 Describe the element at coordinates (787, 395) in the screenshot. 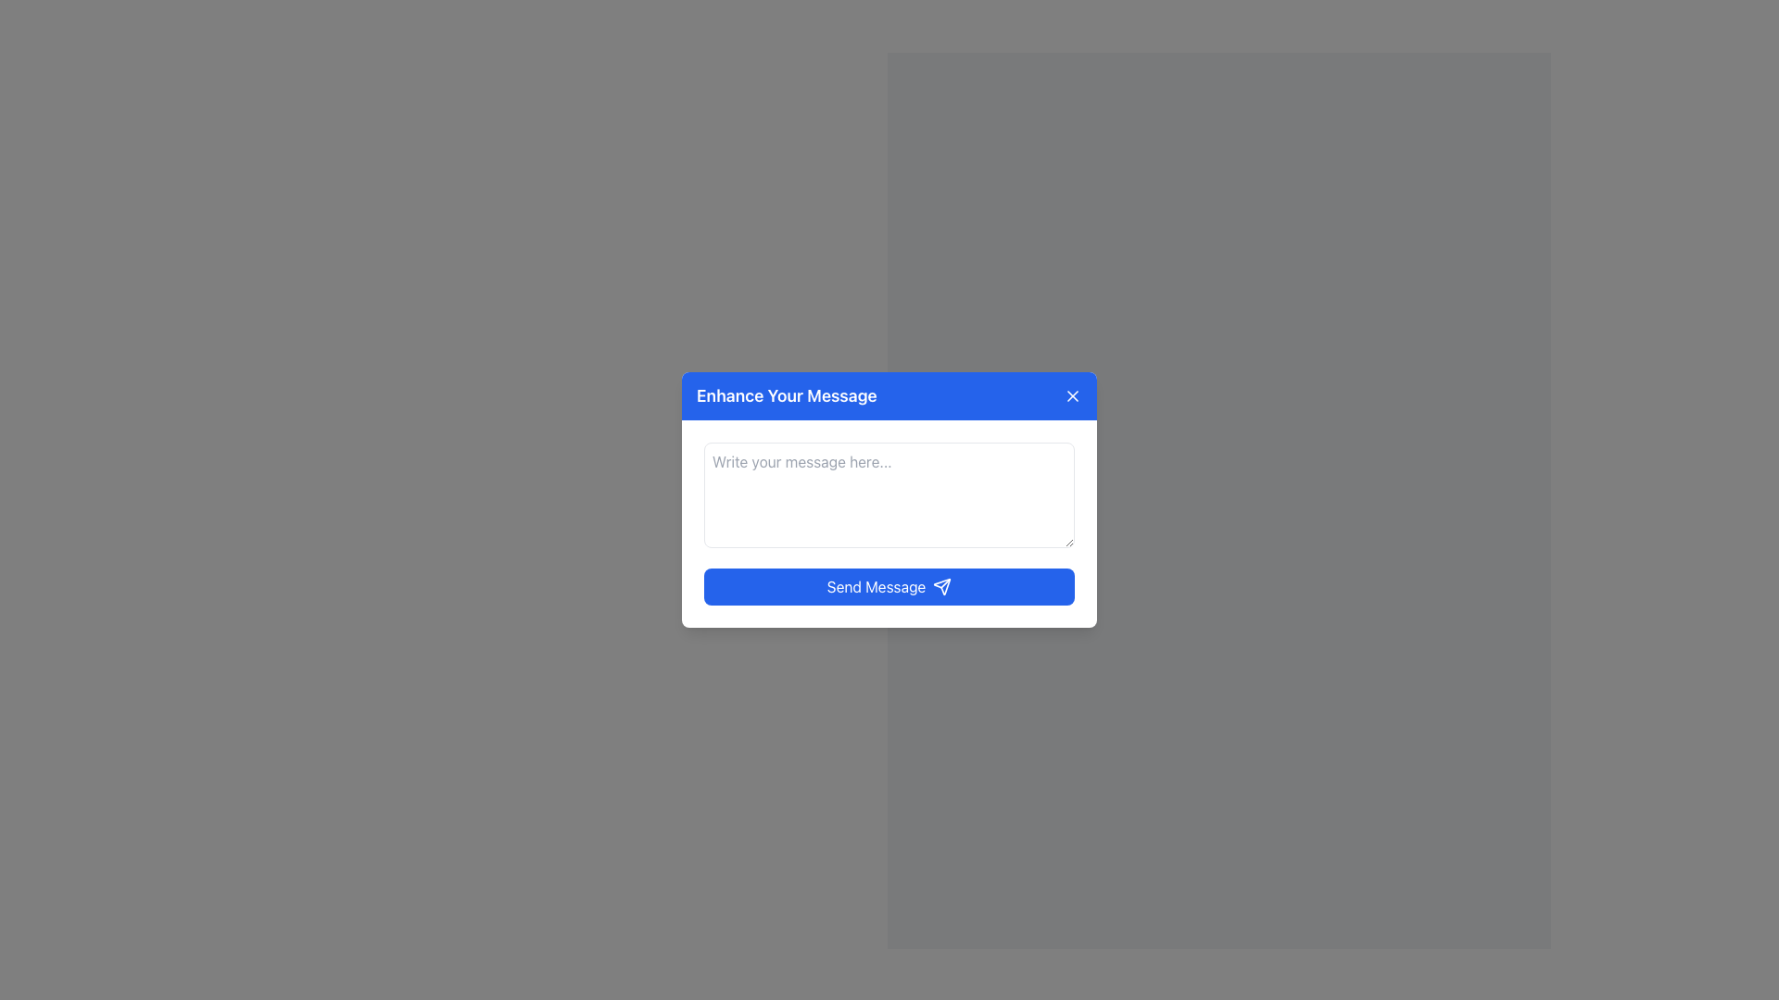

I see `text from the text label displaying 'Enhance Your Message' in a bold font on a blue background, located at the top-left corner of the modal box` at that location.